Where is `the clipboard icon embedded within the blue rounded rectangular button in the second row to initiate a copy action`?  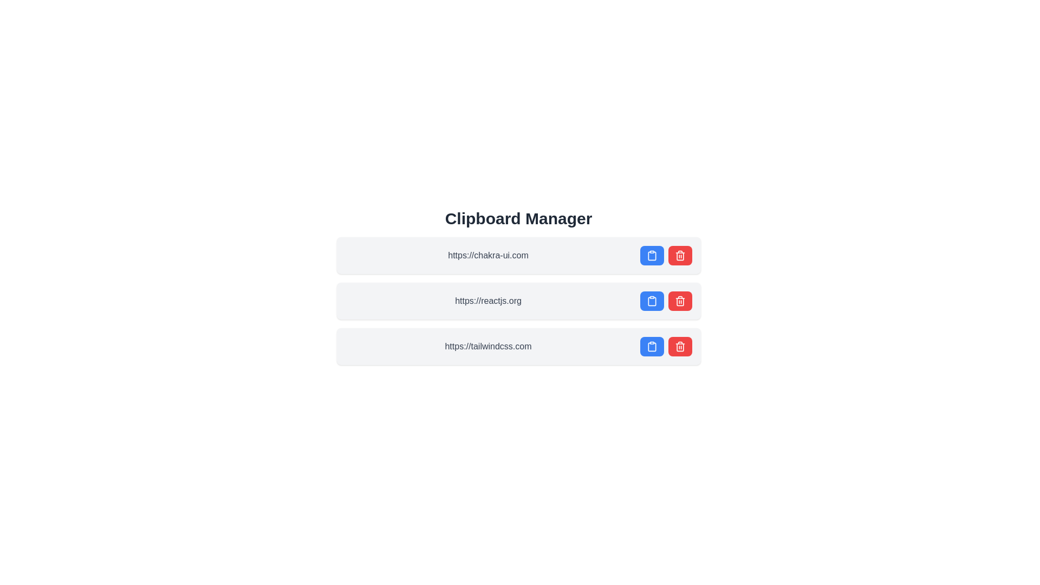
the clipboard icon embedded within the blue rounded rectangular button in the second row to initiate a copy action is located at coordinates (651, 301).